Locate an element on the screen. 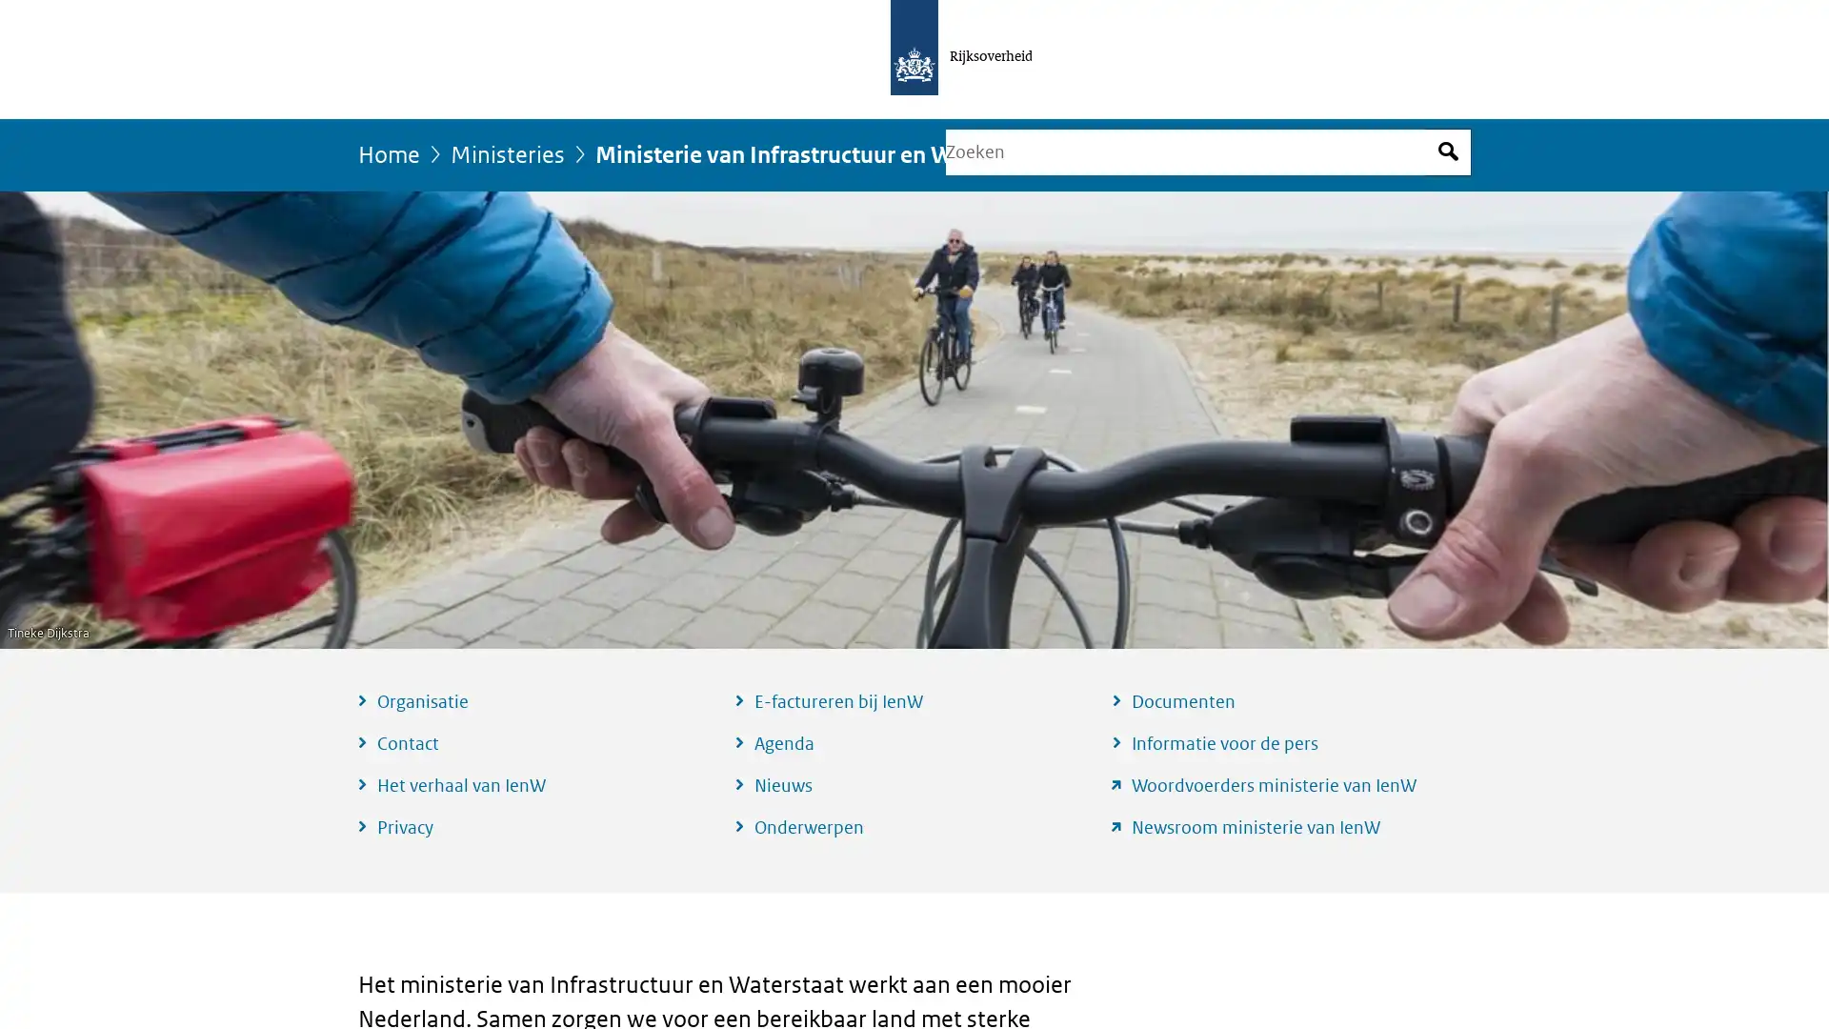 The image size is (1829, 1029). Open zoekveld is located at coordinates (1448, 151).